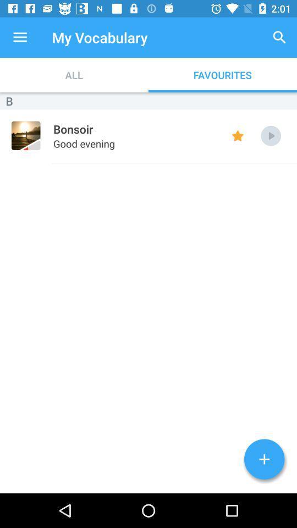  What do you see at coordinates (263, 459) in the screenshot?
I see `word` at bounding box center [263, 459].